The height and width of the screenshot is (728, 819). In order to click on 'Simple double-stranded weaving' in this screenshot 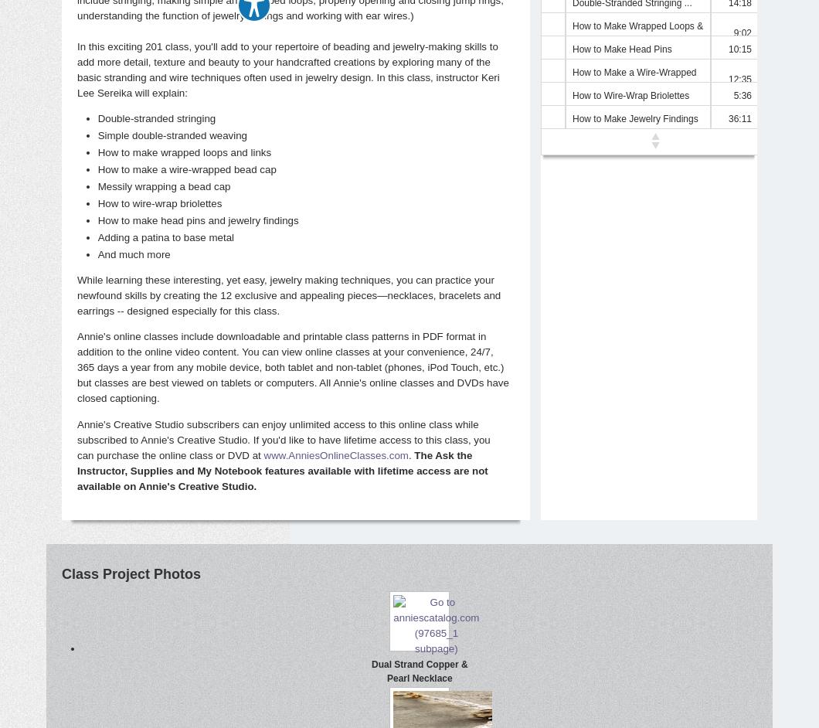, I will do `click(172, 134)`.